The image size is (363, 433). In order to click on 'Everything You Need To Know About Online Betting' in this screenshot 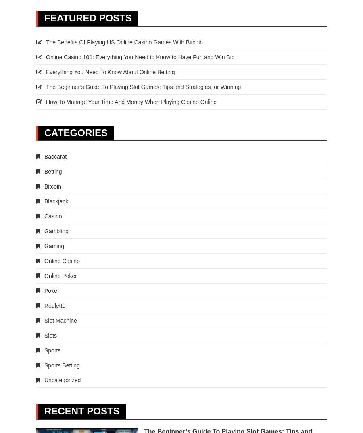, I will do `click(110, 71)`.